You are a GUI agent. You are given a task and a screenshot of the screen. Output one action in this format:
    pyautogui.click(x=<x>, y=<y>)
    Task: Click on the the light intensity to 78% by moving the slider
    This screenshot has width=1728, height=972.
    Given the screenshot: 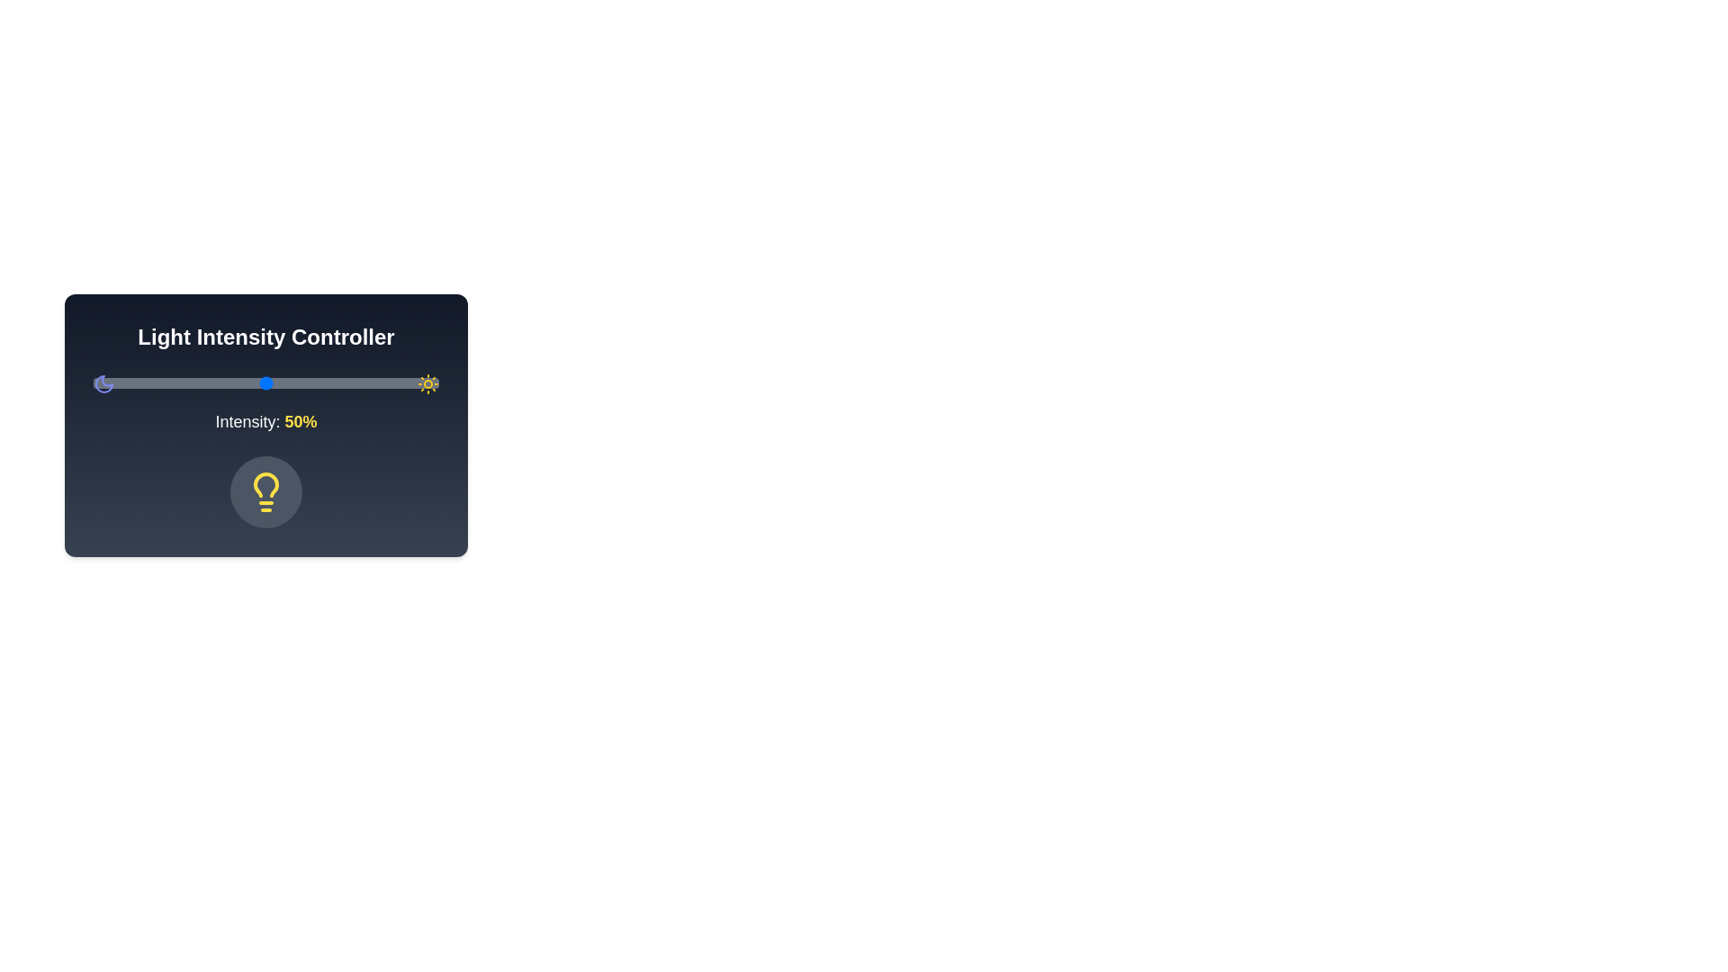 What is the action you would take?
    pyautogui.click(x=362, y=382)
    